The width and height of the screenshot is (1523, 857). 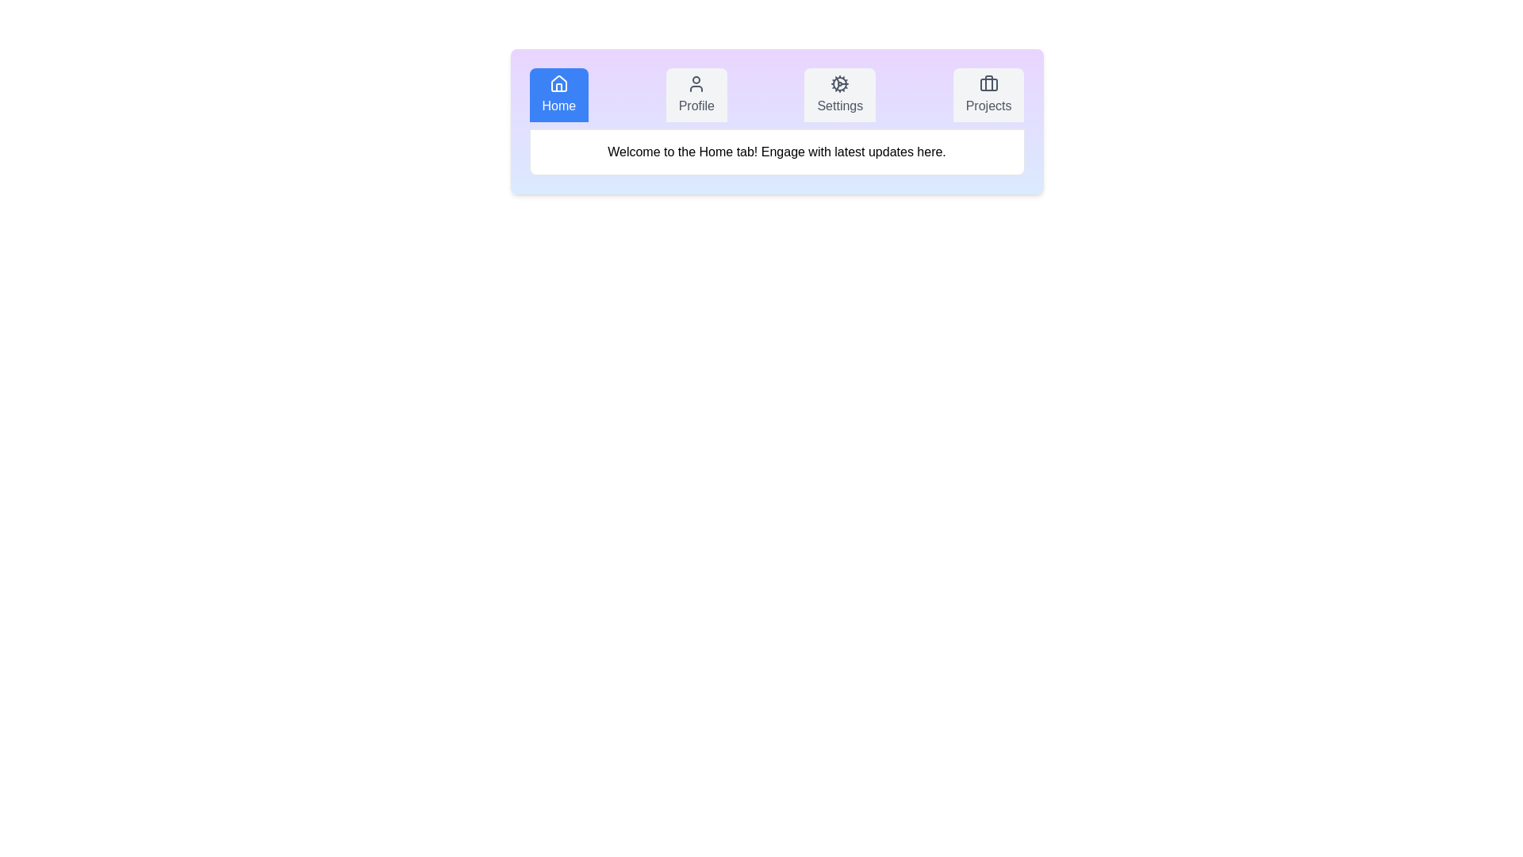 I want to click on the 'Profile' text label, which is the label for the second tab in a tab layout, located below a user icon, so click(x=696, y=106).